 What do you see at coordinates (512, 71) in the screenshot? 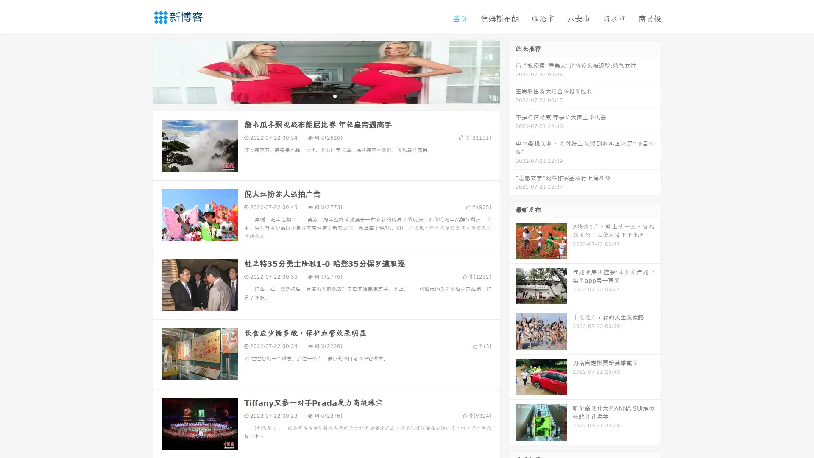
I see `Next slide` at bounding box center [512, 71].